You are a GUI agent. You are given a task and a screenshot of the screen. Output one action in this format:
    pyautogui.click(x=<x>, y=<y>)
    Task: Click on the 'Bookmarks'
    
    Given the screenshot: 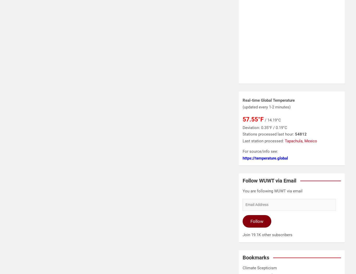 What is the action you would take?
    pyautogui.click(x=256, y=257)
    